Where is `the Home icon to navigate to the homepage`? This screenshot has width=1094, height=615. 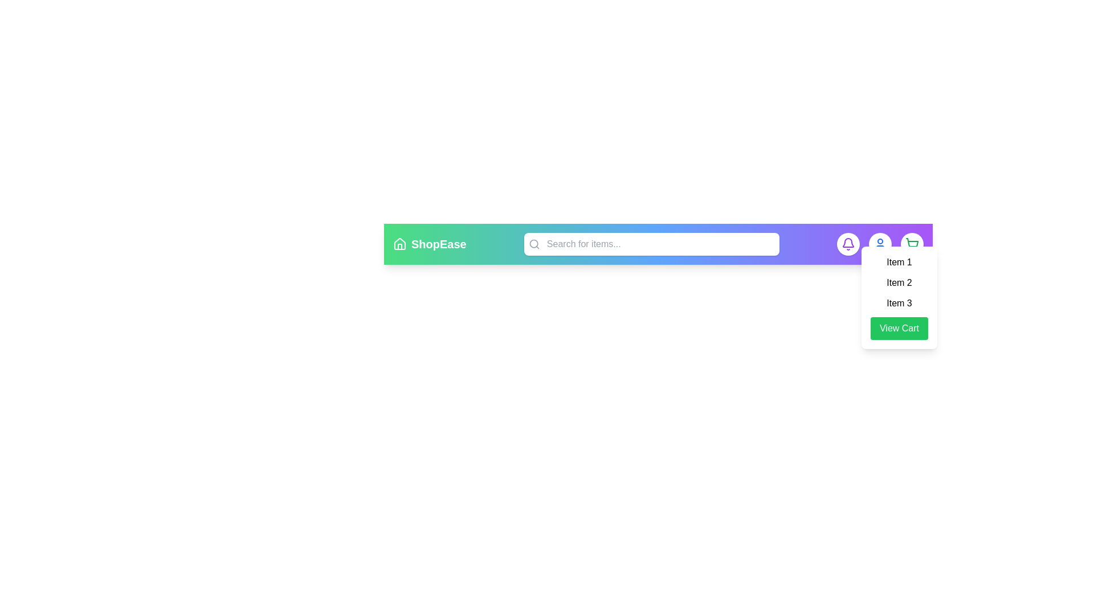 the Home icon to navigate to the homepage is located at coordinates (399, 243).